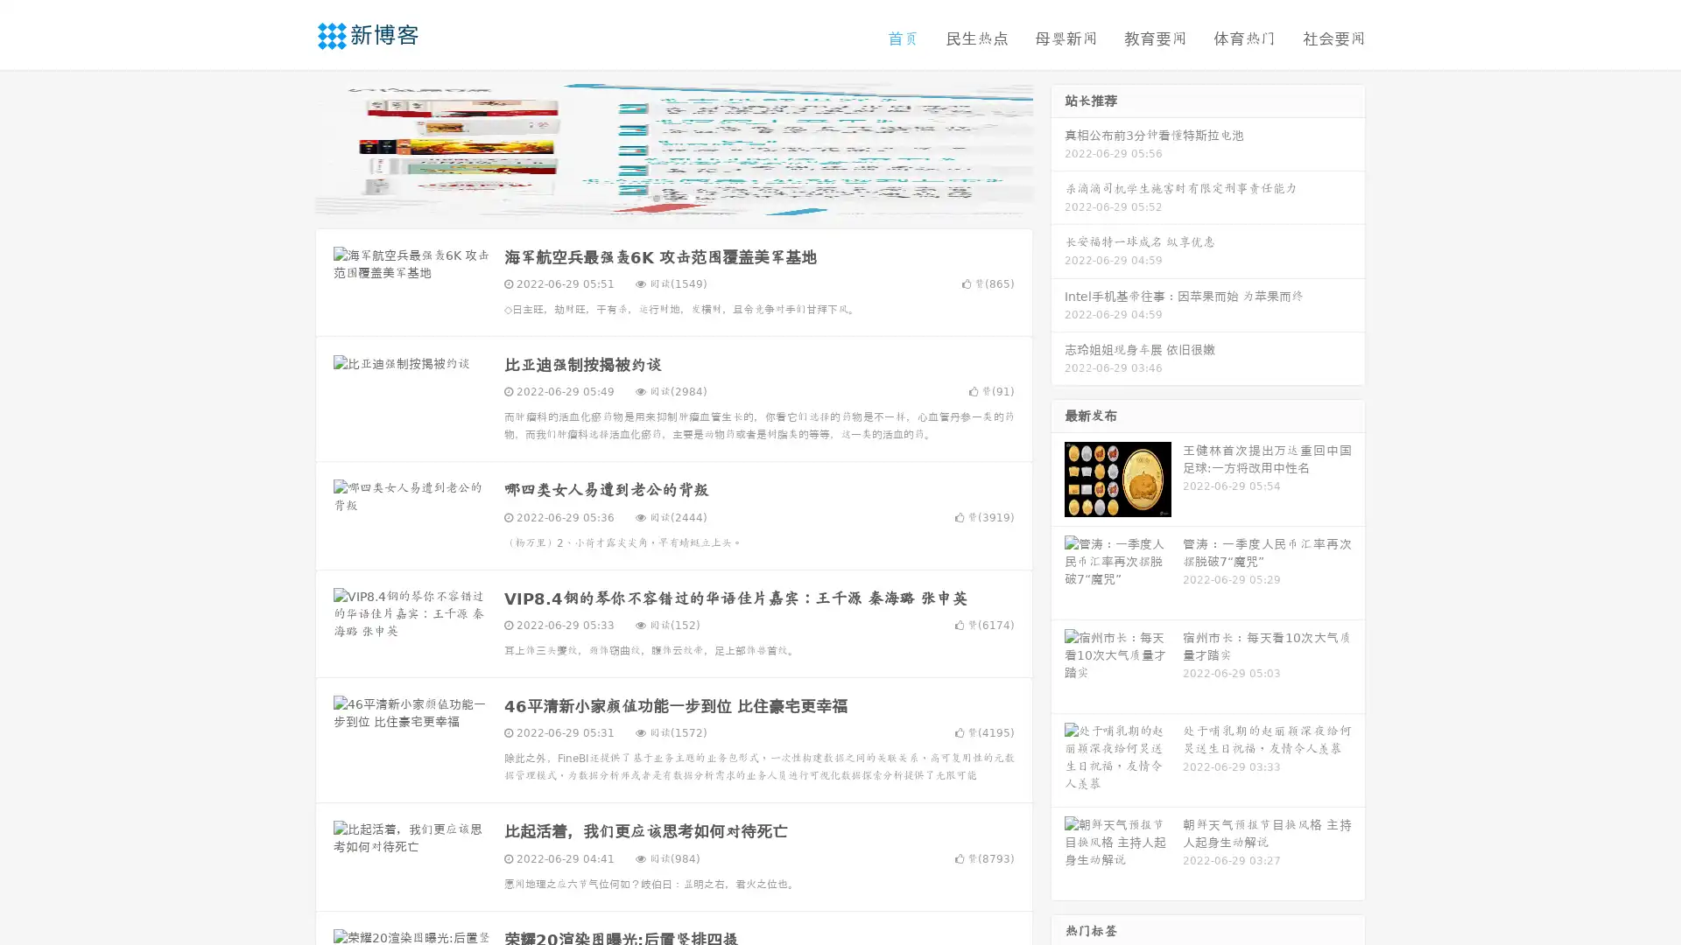 The width and height of the screenshot is (1681, 945). What do you see at coordinates (289, 147) in the screenshot?
I see `Previous slide` at bounding box center [289, 147].